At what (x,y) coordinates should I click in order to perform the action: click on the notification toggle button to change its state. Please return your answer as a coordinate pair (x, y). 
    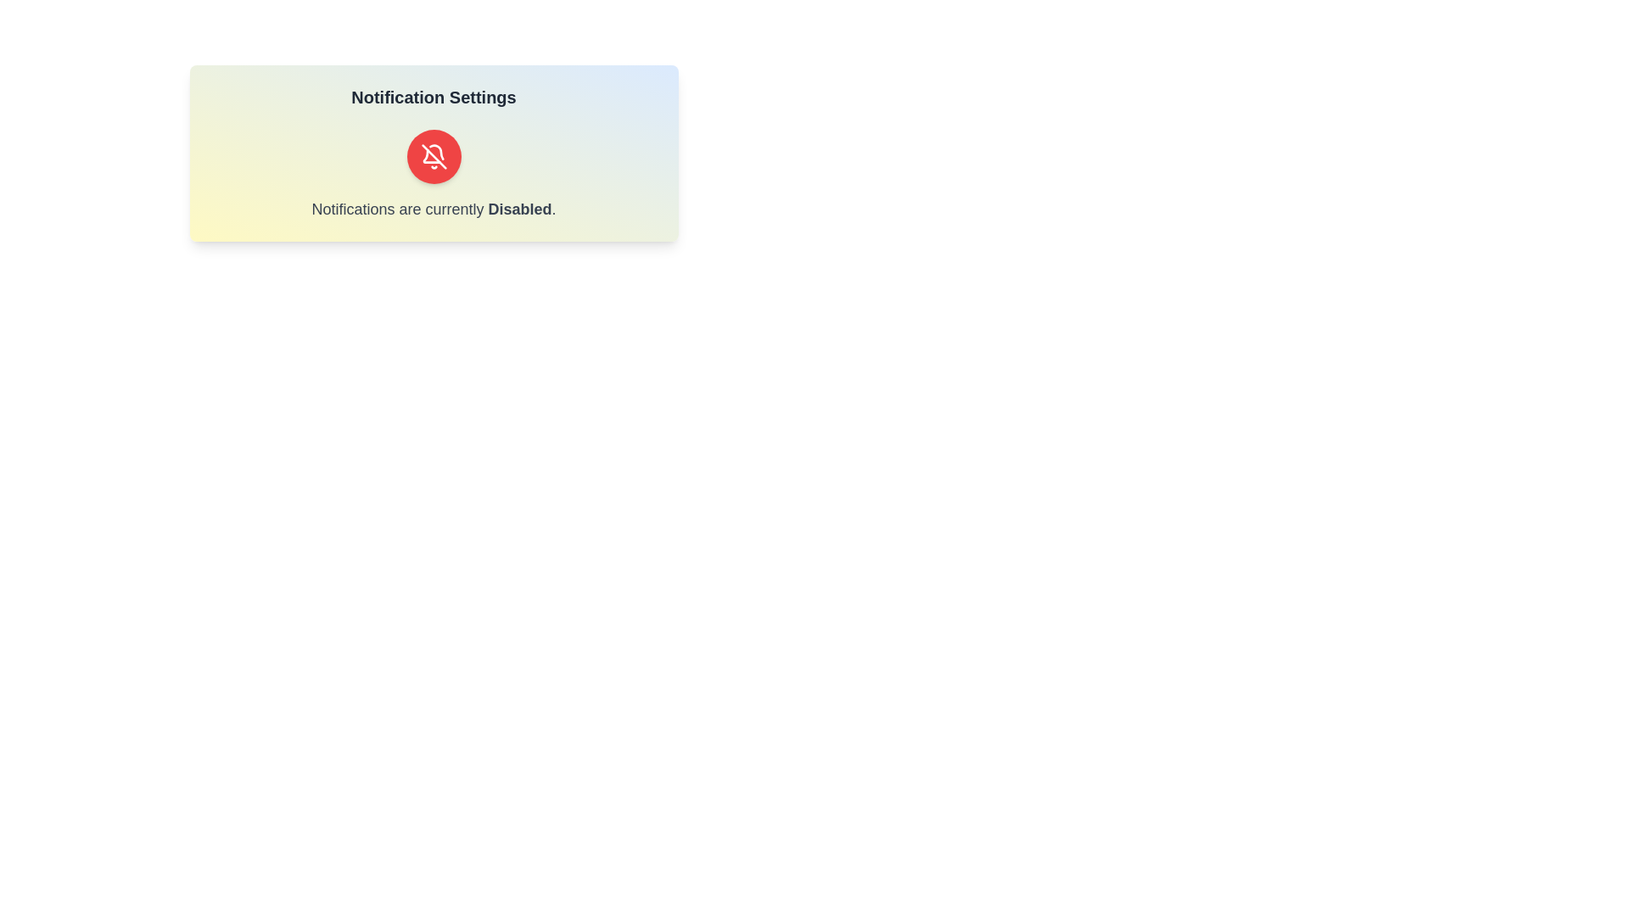
    Looking at the image, I should click on (434, 157).